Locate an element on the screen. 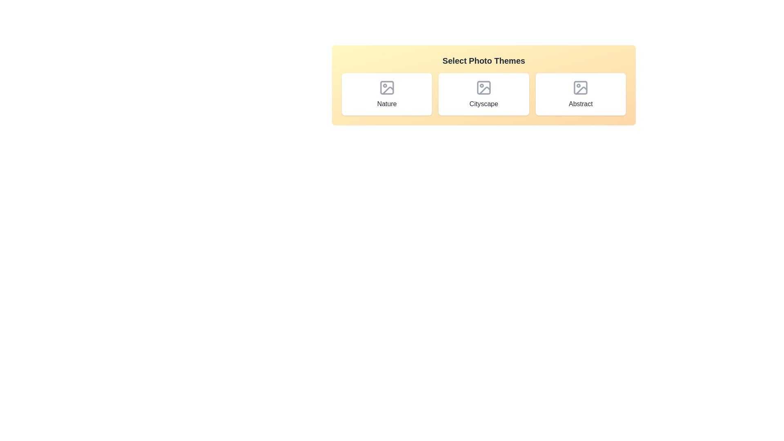 The image size is (784, 441). the Cityscape photo theme chip is located at coordinates (484, 94).